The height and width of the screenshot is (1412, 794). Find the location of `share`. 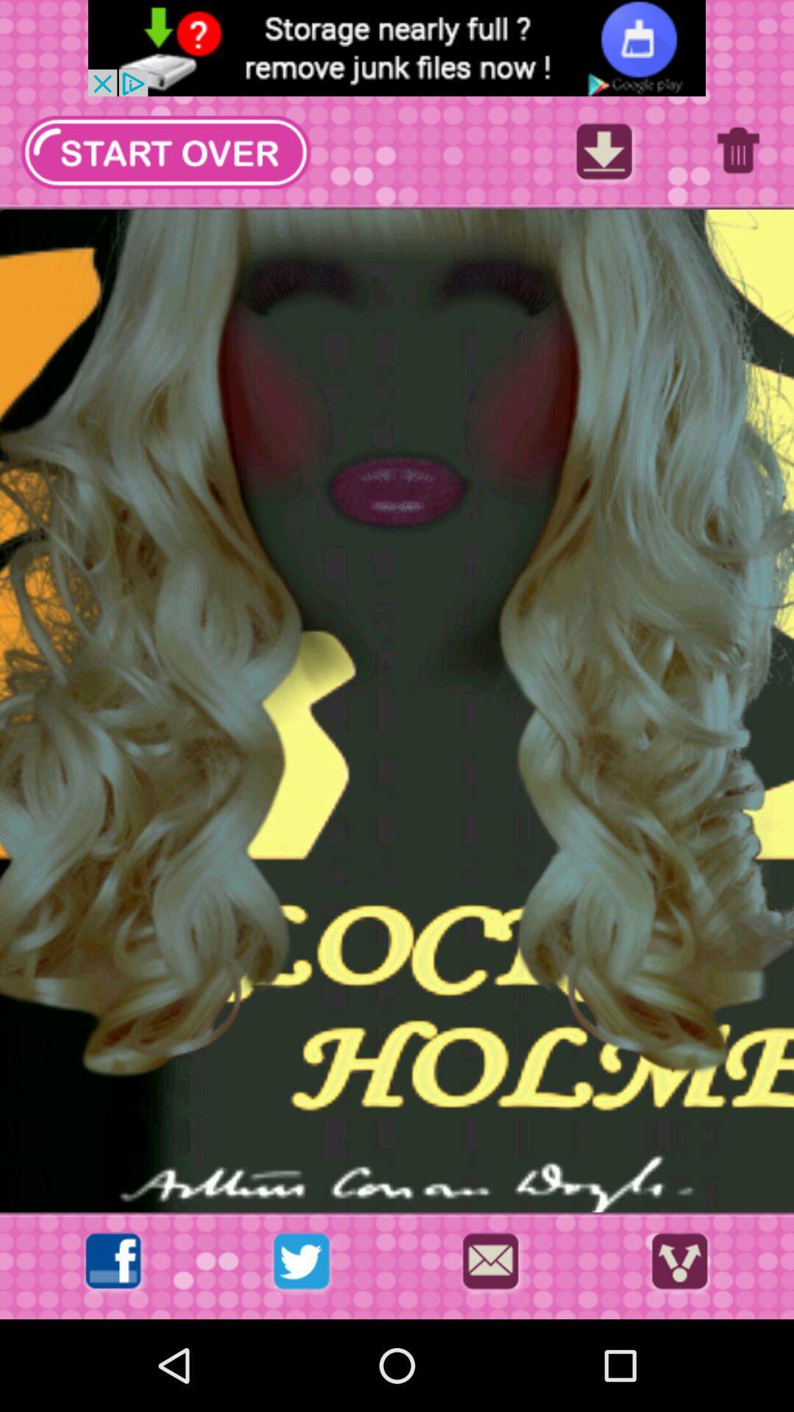

share is located at coordinates (679, 1265).